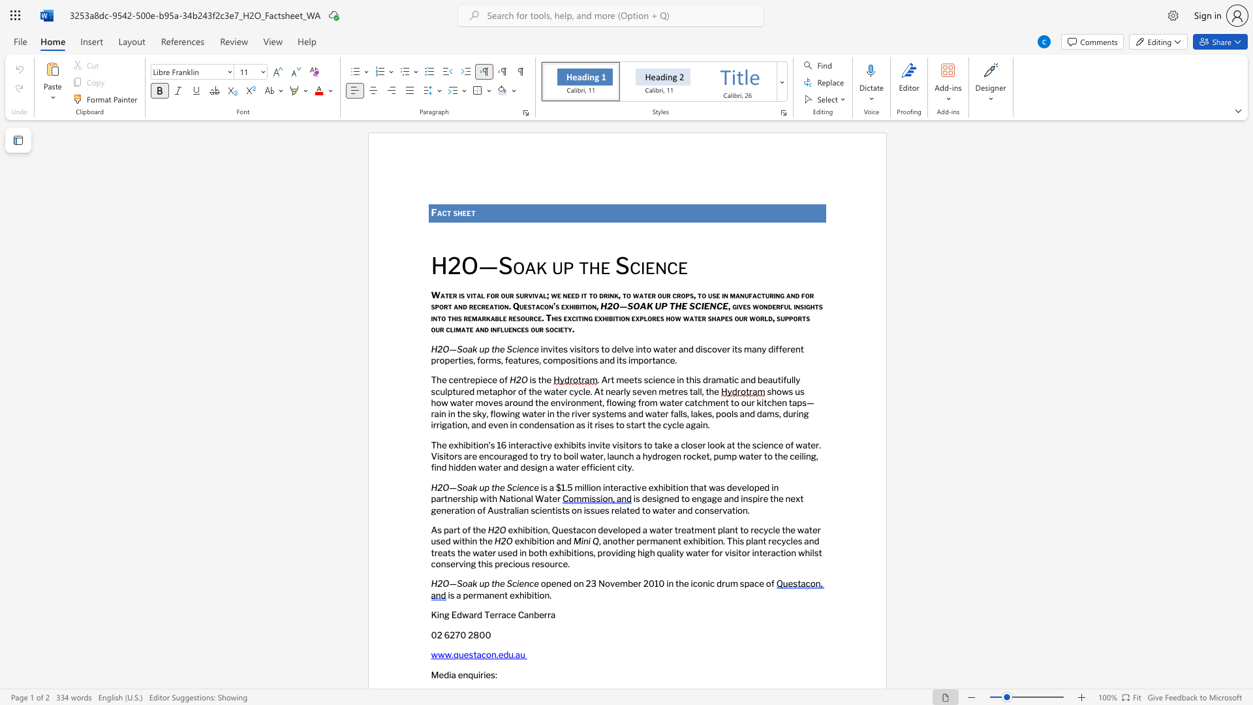 Image resolution: width=1253 pixels, height=705 pixels. What do you see at coordinates (544, 615) in the screenshot?
I see `the subset text "rr" within the text "King Edward Terrace Canberra"` at bounding box center [544, 615].